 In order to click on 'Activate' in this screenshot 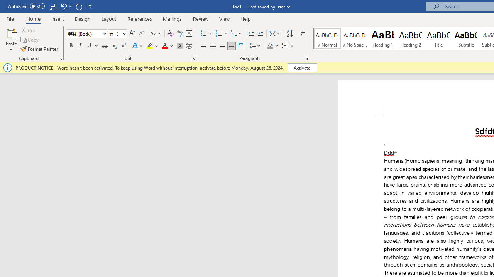, I will do `click(302, 67)`.